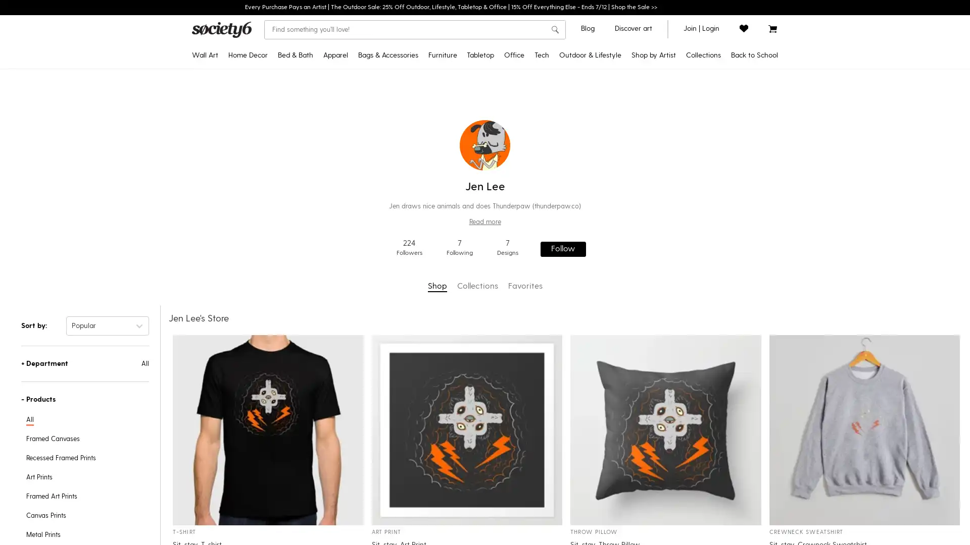 This screenshot has height=545, width=970. What do you see at coordinates (442, 56) in the screenshot?
I see `Furniture` at bounding box center [442, 56].